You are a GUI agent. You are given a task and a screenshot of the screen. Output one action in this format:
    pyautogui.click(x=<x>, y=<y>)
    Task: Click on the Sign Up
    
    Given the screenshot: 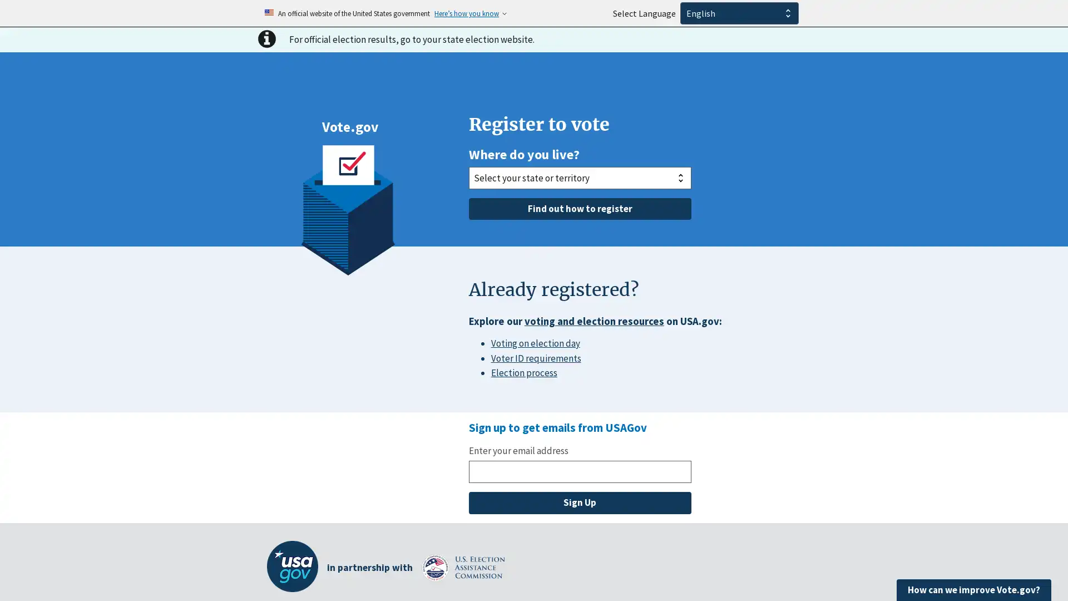 What is the action you would take?
    pyautogui.click(x=578, y=503)
    